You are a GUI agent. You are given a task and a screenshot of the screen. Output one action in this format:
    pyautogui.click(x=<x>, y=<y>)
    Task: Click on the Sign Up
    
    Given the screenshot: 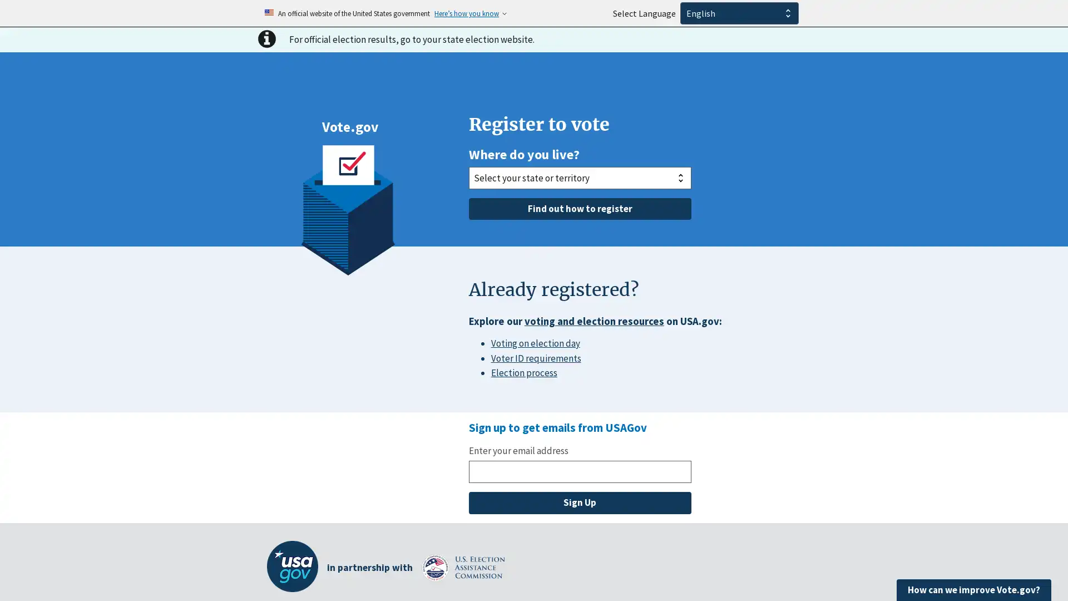 What is the action you would take?
    pyautogui.click(x=578, y=503)
    